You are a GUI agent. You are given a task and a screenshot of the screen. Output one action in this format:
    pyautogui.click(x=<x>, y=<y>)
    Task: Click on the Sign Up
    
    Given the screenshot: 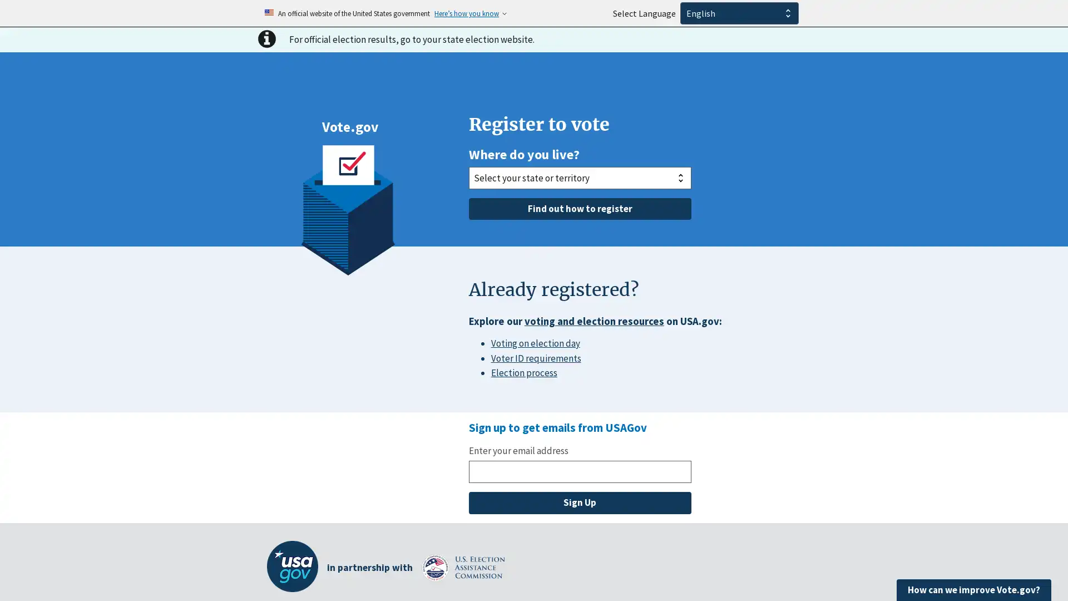 What is the action you would take?
    pyautogui.click(x=578, y=503)
    